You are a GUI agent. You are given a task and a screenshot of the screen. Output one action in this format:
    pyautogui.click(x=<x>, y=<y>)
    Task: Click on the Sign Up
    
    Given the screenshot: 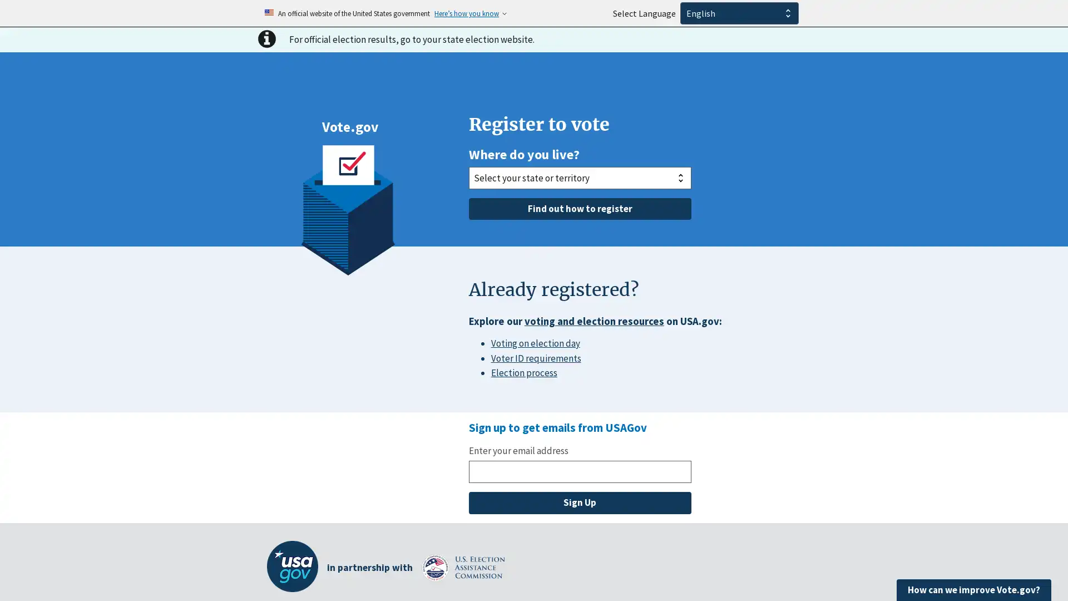 What is the action you would take?
    pyautogui.click(x=578, y=503)
    